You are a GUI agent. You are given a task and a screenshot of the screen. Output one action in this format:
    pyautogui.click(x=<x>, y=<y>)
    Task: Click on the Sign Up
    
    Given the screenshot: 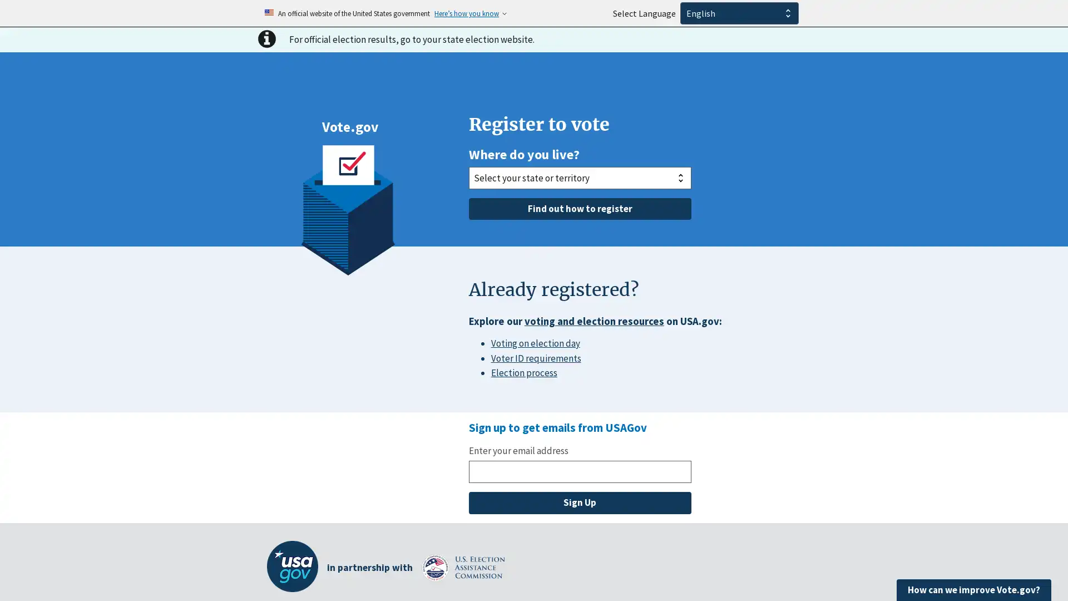 What is the action you would take?
    pyautogui.click(x=578, y=503)
    